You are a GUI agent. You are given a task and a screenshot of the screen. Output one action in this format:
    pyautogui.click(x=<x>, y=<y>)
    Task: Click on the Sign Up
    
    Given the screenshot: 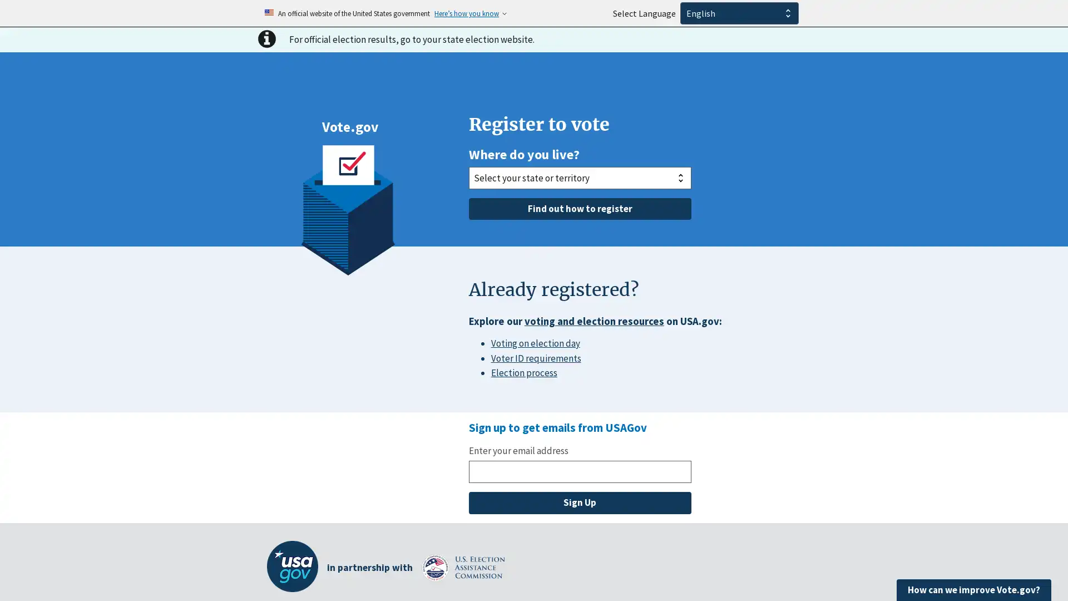 What is the action you would take?
    pyautogui.click(x=578, y=503)
    